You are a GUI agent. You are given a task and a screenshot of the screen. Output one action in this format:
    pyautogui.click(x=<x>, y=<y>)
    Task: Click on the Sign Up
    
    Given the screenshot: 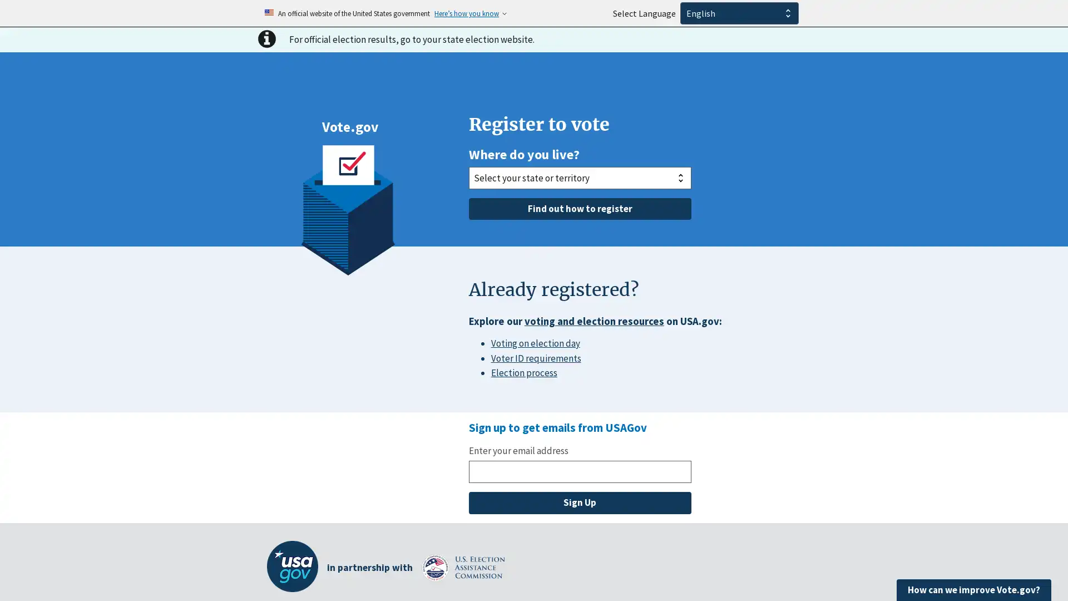 What is the action you would take?
    pyautogui.click(x=578, y=503)
    